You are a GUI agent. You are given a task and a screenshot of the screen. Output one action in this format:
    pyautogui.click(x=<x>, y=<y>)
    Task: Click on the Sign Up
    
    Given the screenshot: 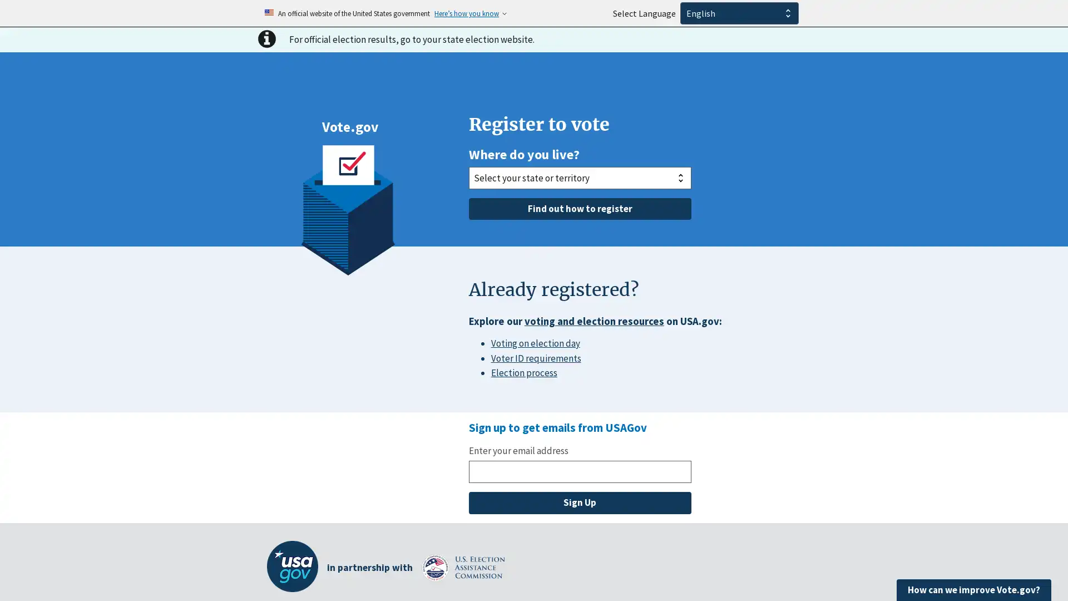 What is the action you would take?
    pyautogui.click(x=578, y=503)
    